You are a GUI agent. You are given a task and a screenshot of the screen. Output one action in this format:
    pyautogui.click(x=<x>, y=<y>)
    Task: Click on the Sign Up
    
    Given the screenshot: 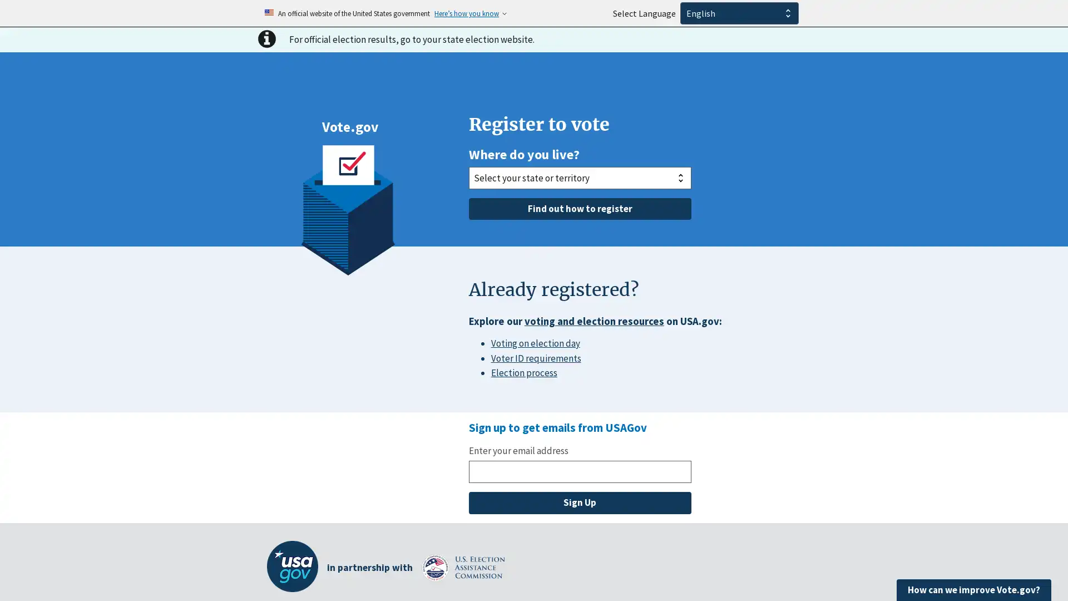 What is the action you would take?
    pyautogui.click(x=578, y=503)
    